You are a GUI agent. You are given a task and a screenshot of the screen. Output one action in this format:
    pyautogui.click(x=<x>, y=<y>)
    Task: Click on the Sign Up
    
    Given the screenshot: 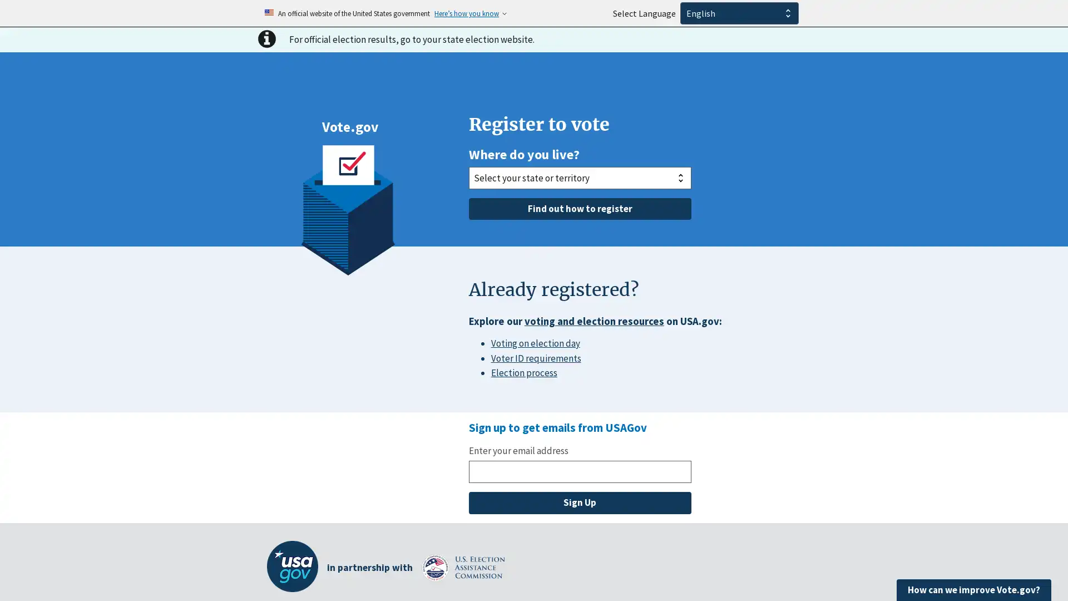 What is the action you would take?
    pyautogui.click(x=578, y=503)
    